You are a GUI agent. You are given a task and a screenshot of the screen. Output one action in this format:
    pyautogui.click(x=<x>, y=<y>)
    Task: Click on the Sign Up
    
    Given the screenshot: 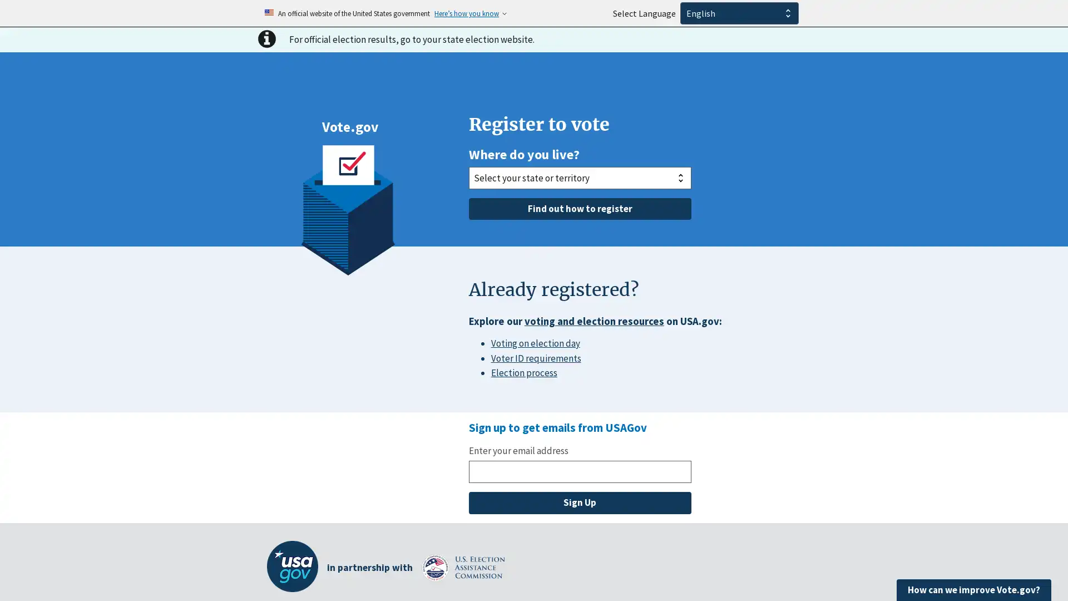 What is the action you would take?
    pyautogui.click(x=578, y=503)
    